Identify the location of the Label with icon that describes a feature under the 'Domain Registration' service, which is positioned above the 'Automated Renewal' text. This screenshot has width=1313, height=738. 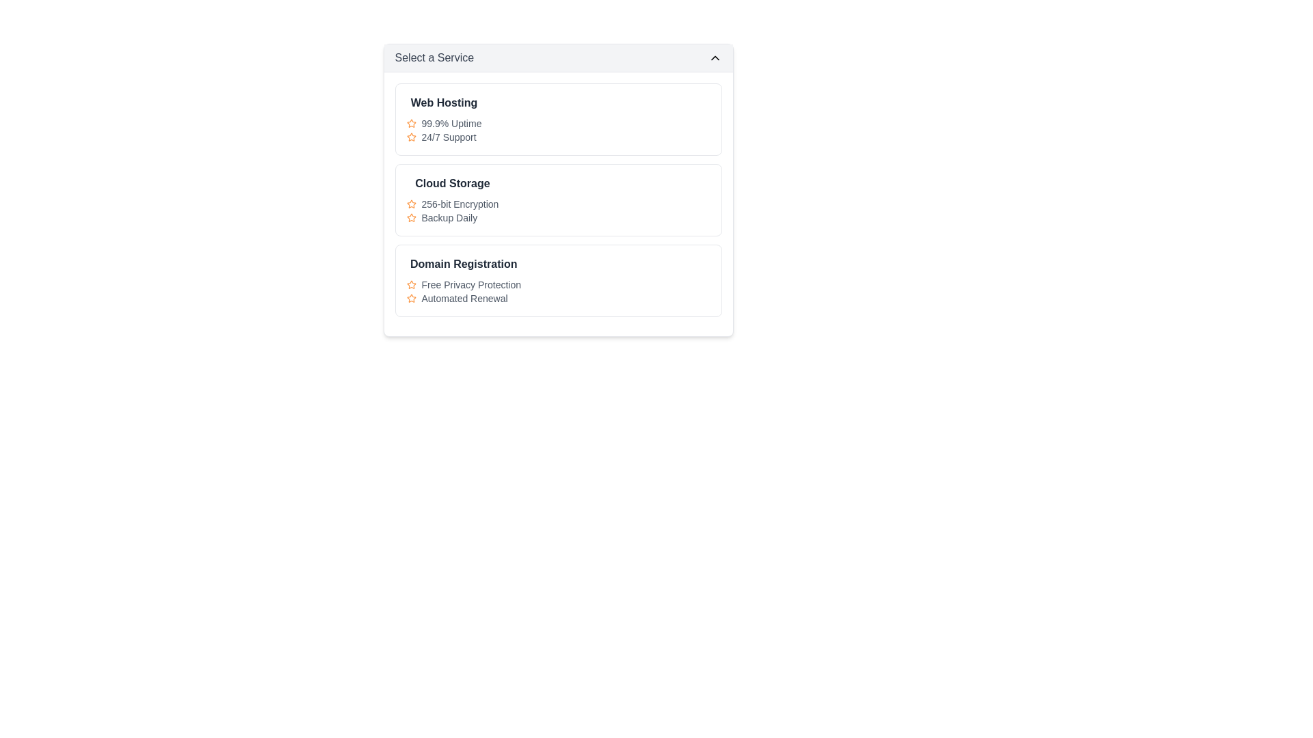
(464, 284).